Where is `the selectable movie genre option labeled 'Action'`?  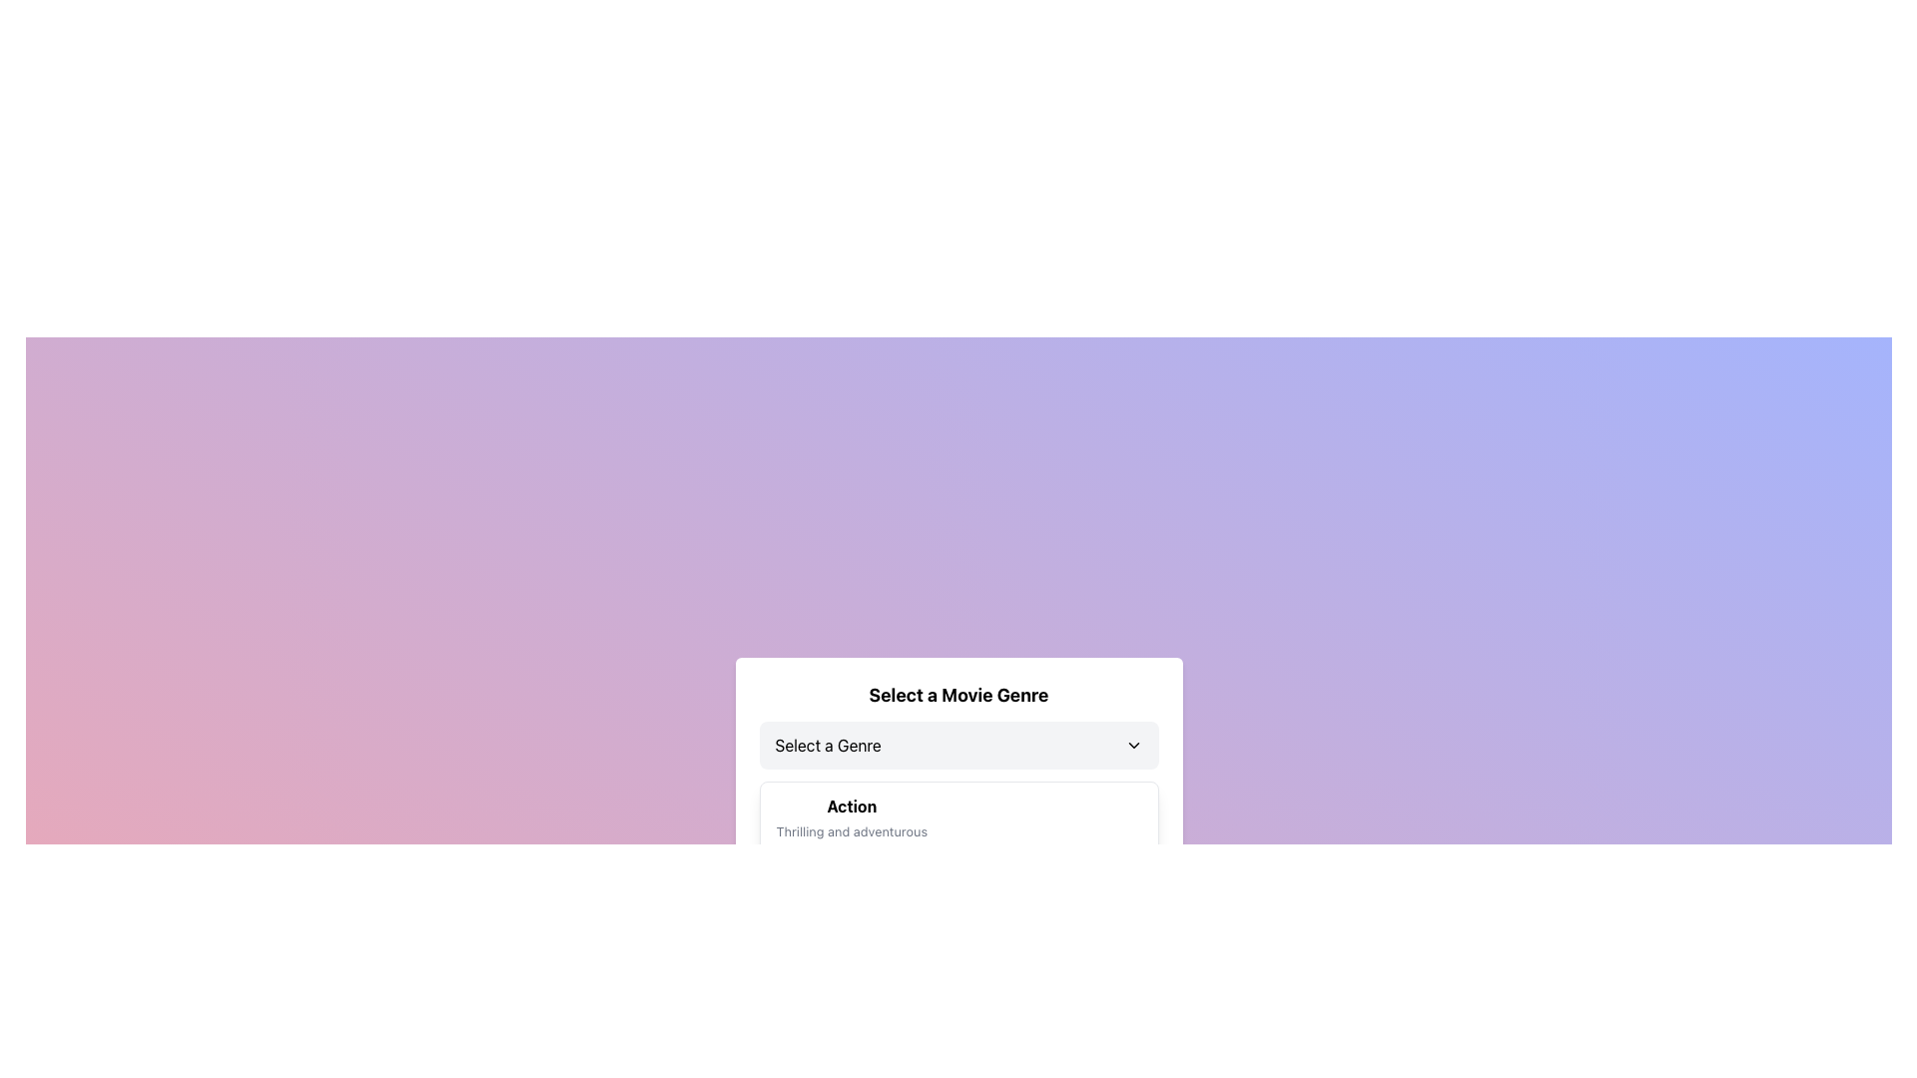
the selectable movie genre option labeled 'Action' is located at coordinates (958, 926).